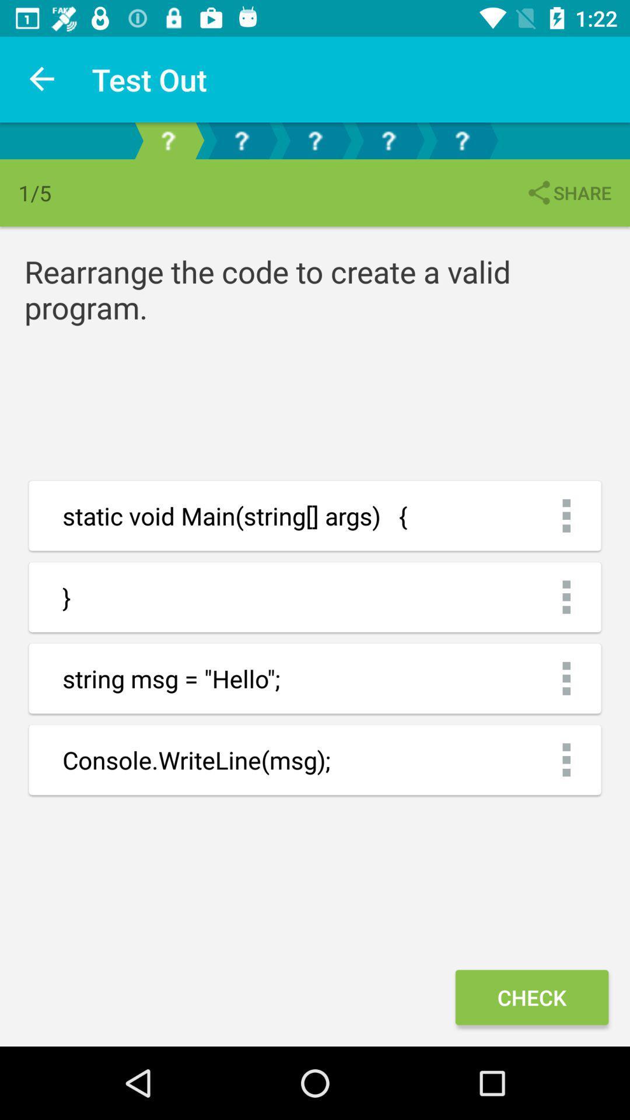 This screenshot has width=630, height=1120. What do you see at coordinates (42, 79) in the screenshot?
I see `item to the left of test out` at bounding box center [42, 79].